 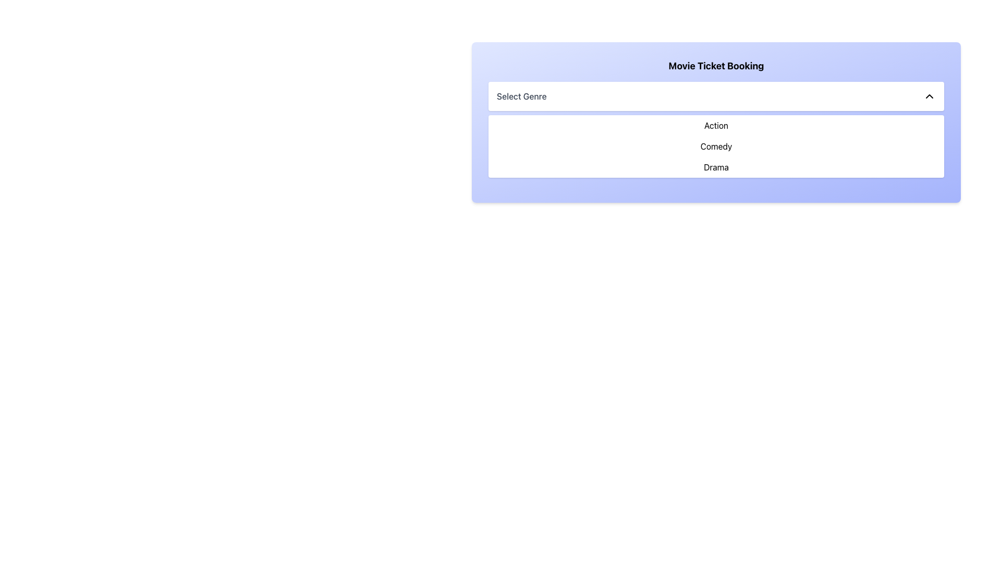 What do you see at coordinates (715, 166) in the screenshot?
I see `the third item in the dropdown list titled 'Select Genre'` at bounding box center [715, 166].